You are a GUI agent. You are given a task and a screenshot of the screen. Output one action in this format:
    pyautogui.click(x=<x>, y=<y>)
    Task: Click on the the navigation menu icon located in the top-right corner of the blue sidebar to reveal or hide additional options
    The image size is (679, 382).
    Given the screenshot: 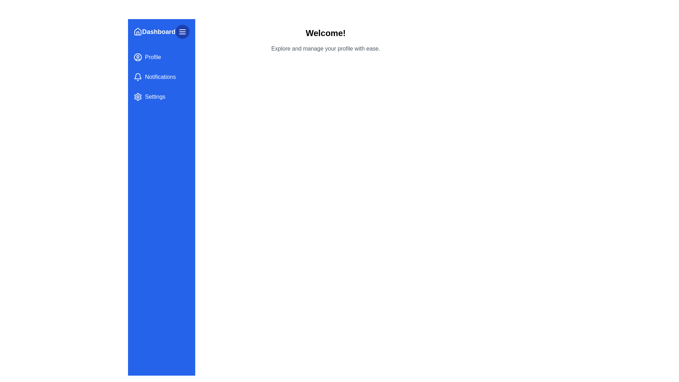 What is the action you would take?
    pyautogui.click(x=182, y=31)
    